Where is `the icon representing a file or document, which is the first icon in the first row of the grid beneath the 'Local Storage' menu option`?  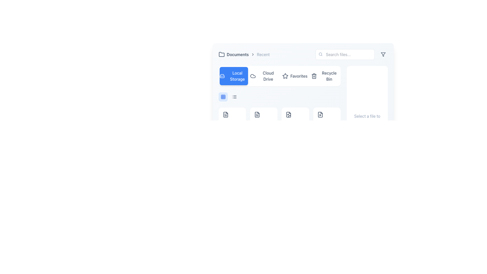 the icon representing a file or document, which is the first icon in the first row of the grid beneath the 'Local Storage' menu option is located at coordinates (225, 114).